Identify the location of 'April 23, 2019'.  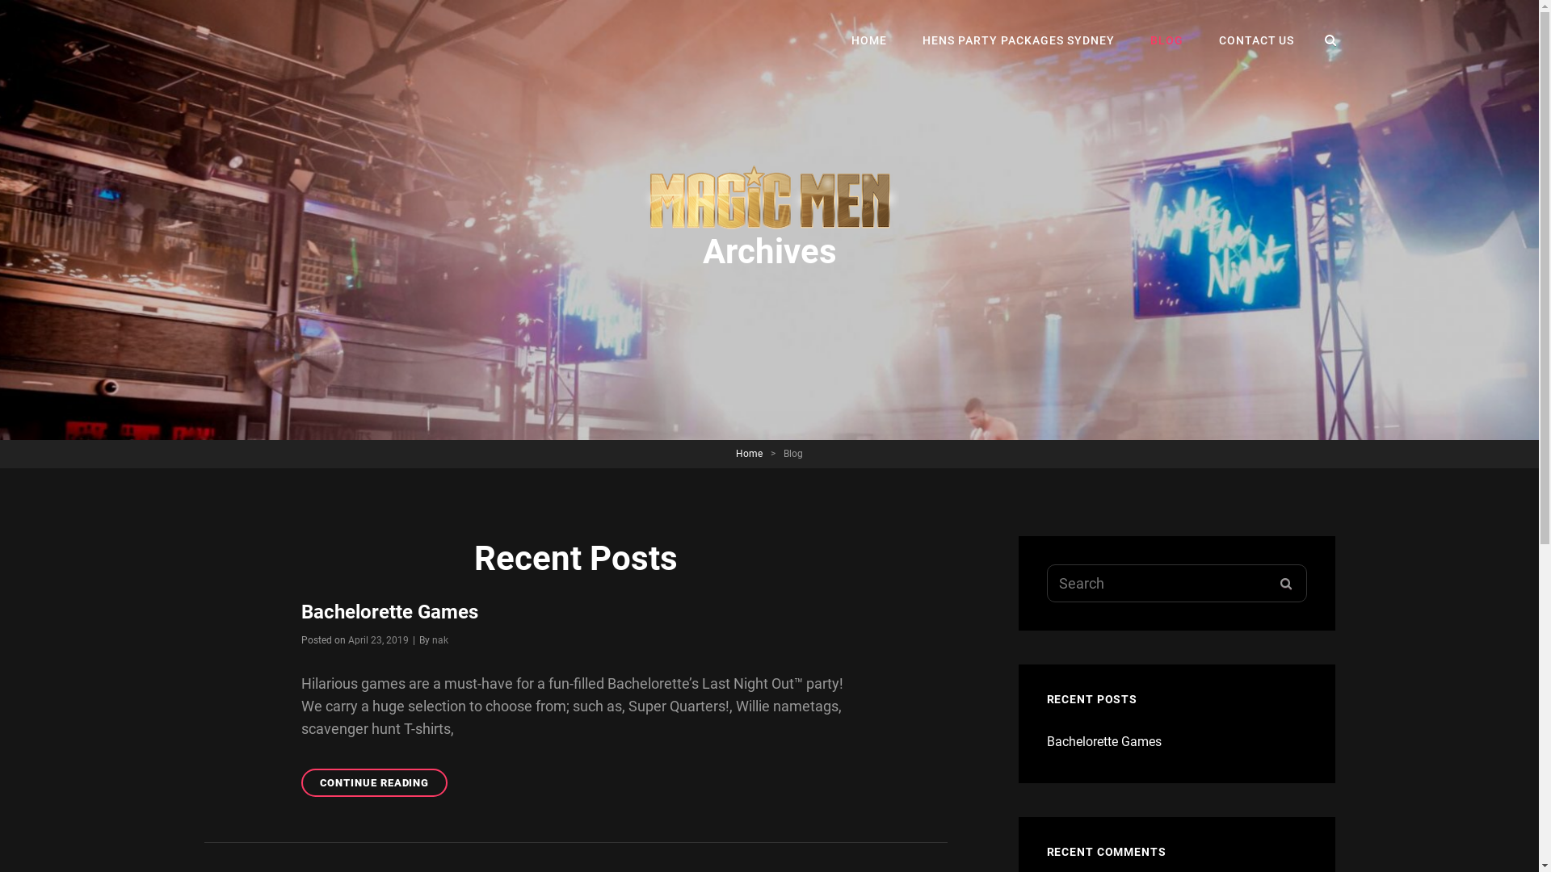
(376, 639).